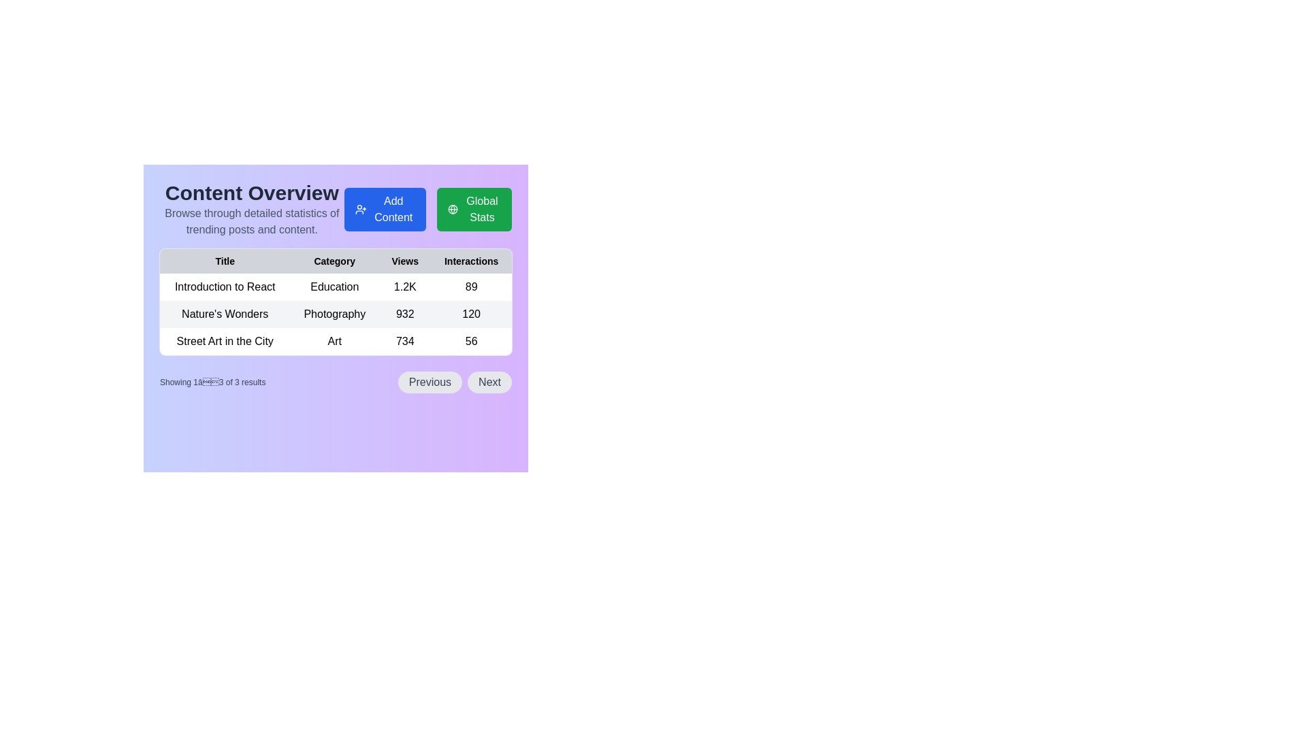 This screenshot has width=1307, height=735. I want to click on the 'Add Content' button with a blue background and white text, so click(384, 210).